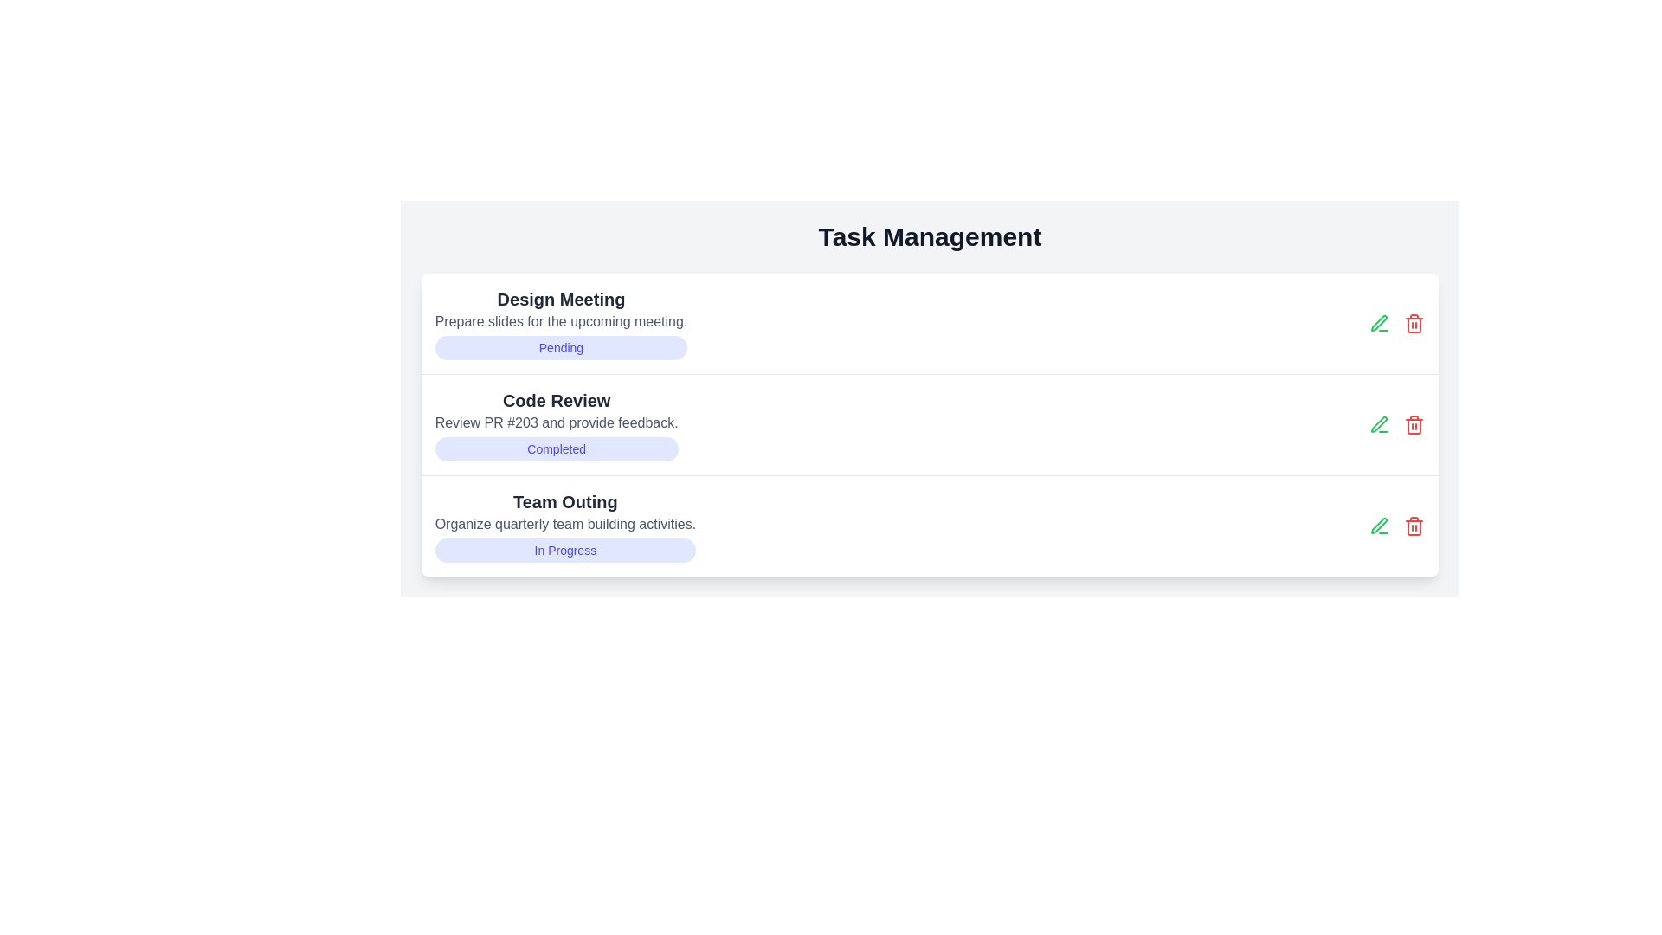 The height and width of the screenshot is (935, 1662). I want to click on the completion status badge indicating that the 'Code Review' task has been finalized, located below the text 'Review PR #203 and provide feedback.', so click(557, 448).